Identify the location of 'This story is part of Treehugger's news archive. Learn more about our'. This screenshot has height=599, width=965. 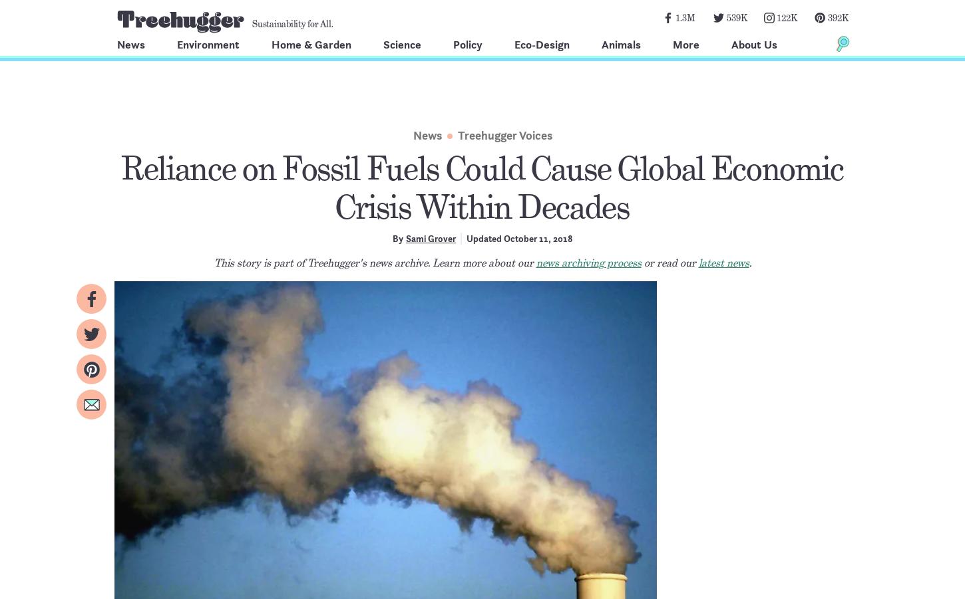
(375, 262).